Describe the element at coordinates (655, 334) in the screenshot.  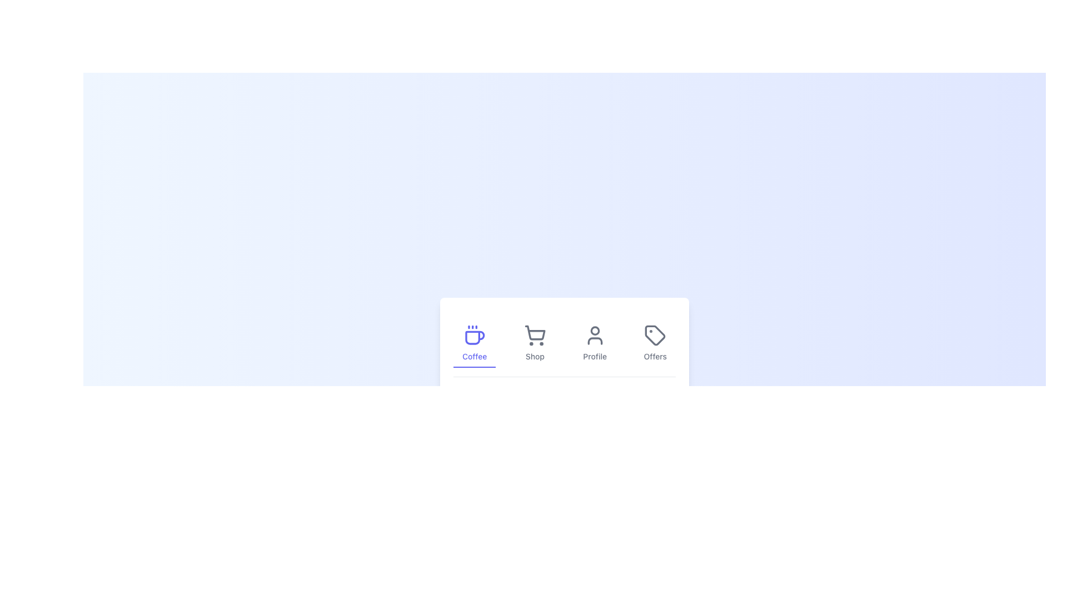
I see `the 'Offers' tag icon located at the rightmost position of the horizontal navigation bar` at that location.